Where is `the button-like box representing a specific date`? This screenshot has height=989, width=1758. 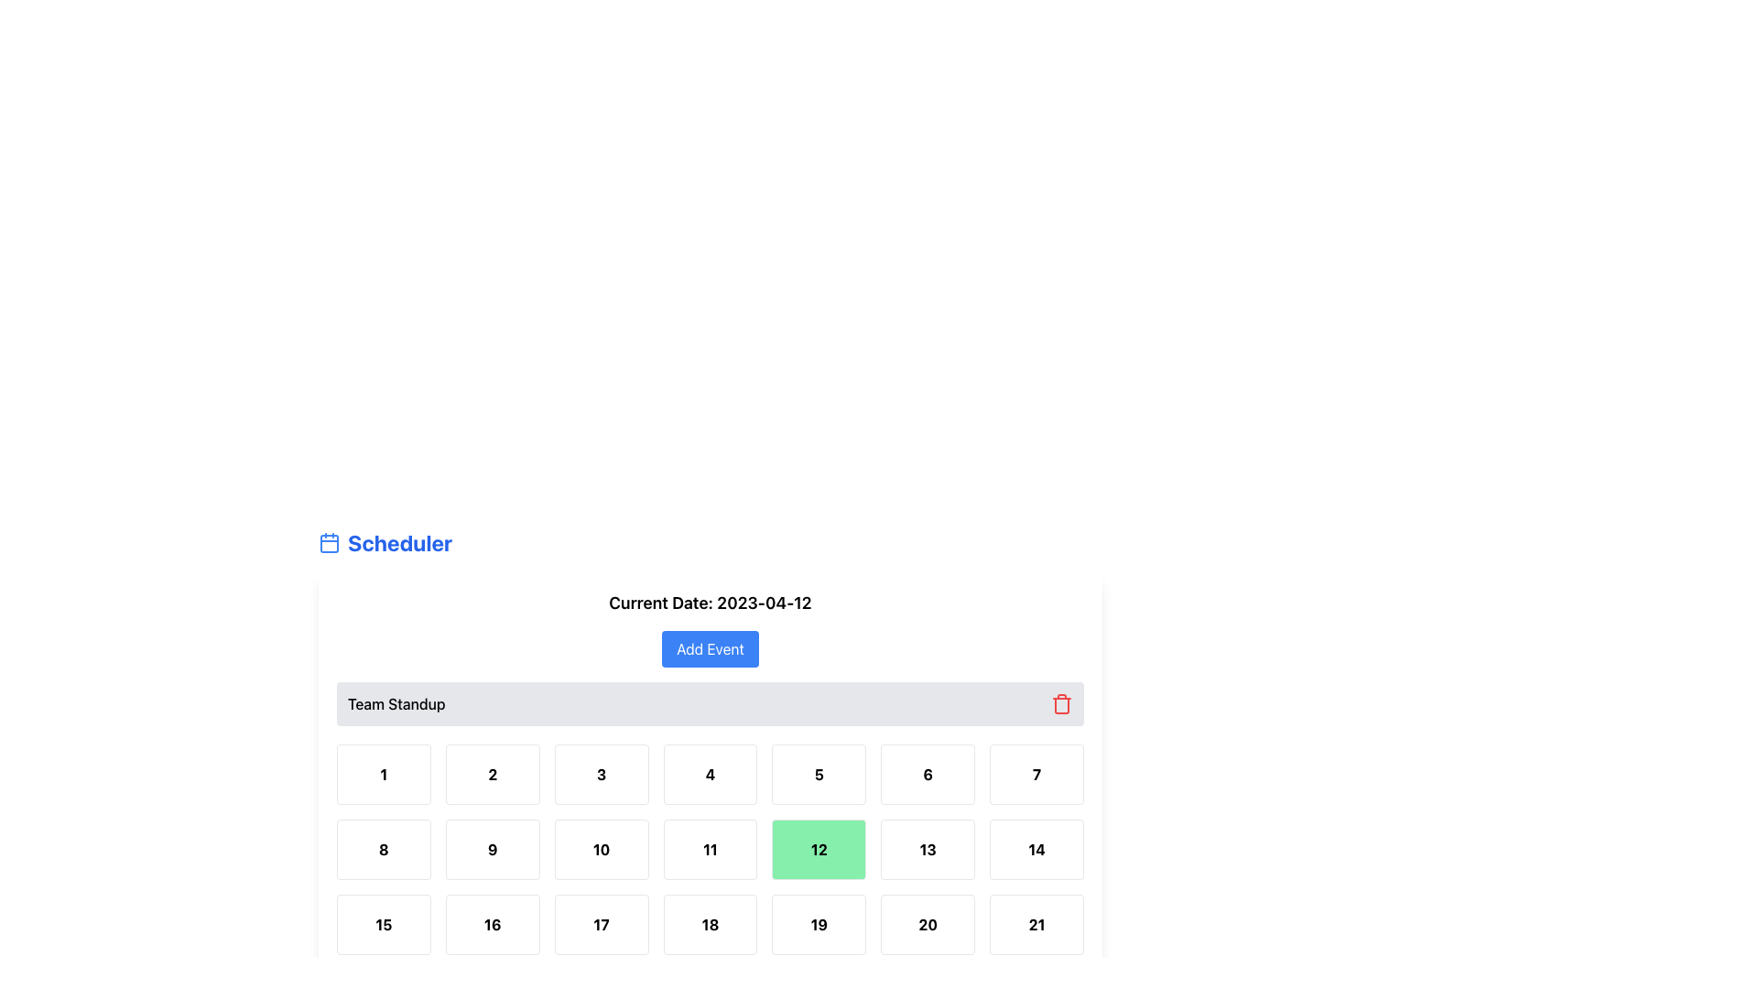 the button-like box representing a specific date is located at coordinates (602, 850).